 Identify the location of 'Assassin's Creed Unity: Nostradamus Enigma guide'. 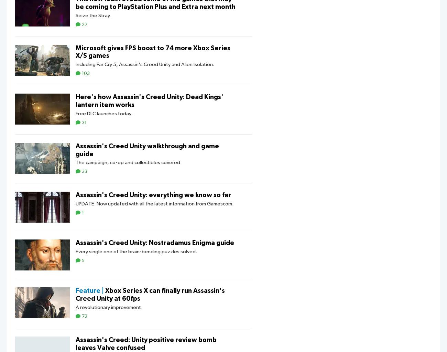
(154, 243).